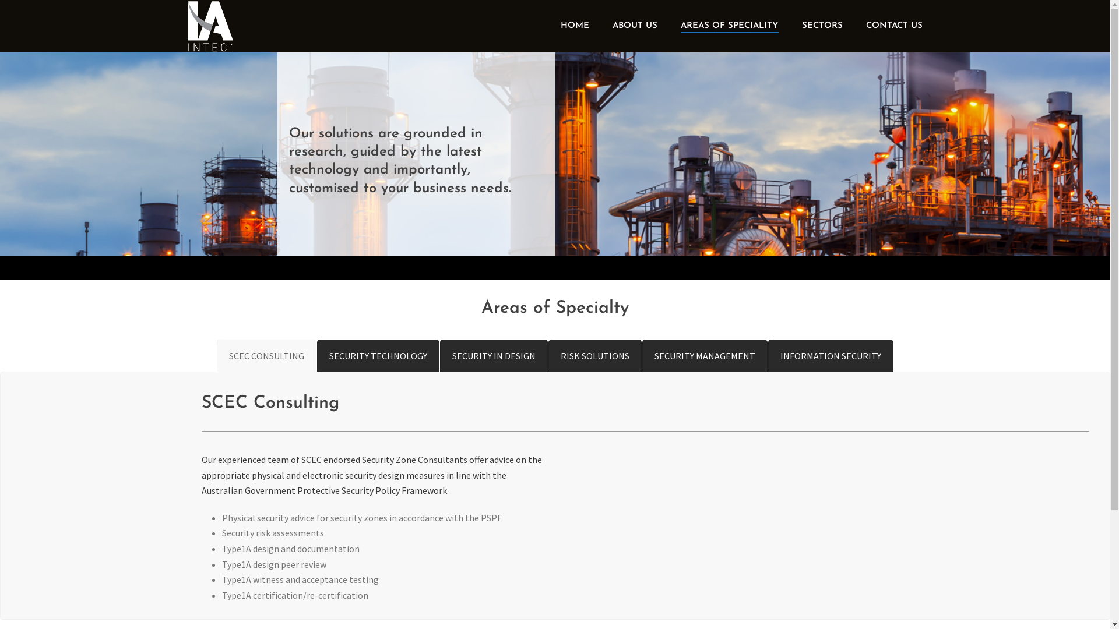 Image resolution: width=1119 pixels, height=629 pixels. What do you see at coordinates (668, 26) in the screenshot?
I see `'AREAS OF SPECIALITY'` at bounding box center [668, 26].